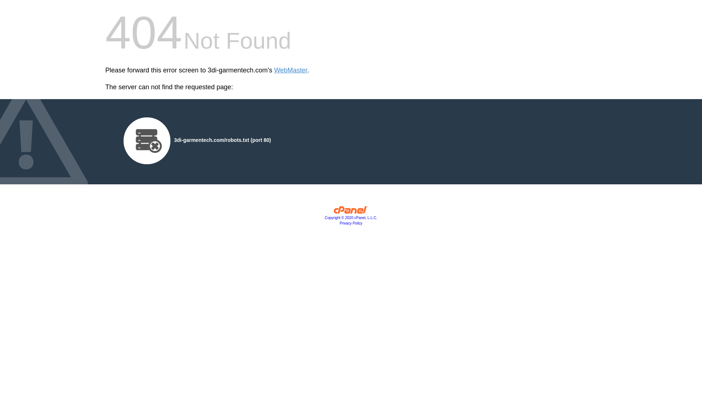 The image size is (702, 395). I want to click on 'cPanel, Inc.', so click(351, 211).